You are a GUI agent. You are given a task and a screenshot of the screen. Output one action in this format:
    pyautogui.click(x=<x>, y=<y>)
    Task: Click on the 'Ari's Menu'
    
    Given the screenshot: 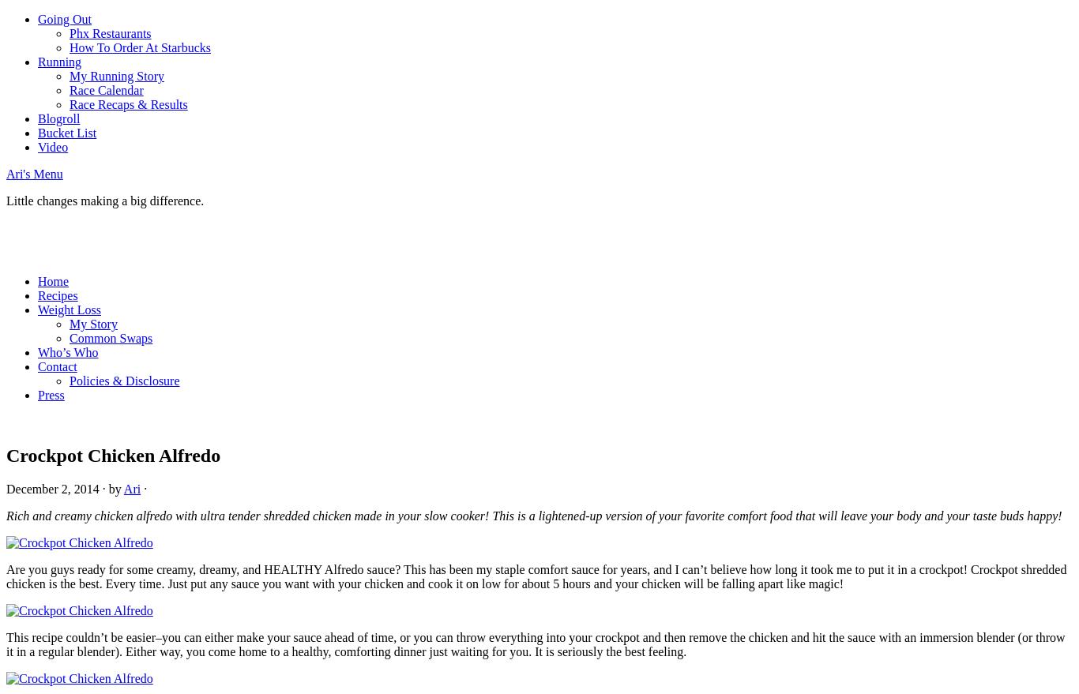 What is the action you would take?
    pyautogui.click(x=34, y=174)
    